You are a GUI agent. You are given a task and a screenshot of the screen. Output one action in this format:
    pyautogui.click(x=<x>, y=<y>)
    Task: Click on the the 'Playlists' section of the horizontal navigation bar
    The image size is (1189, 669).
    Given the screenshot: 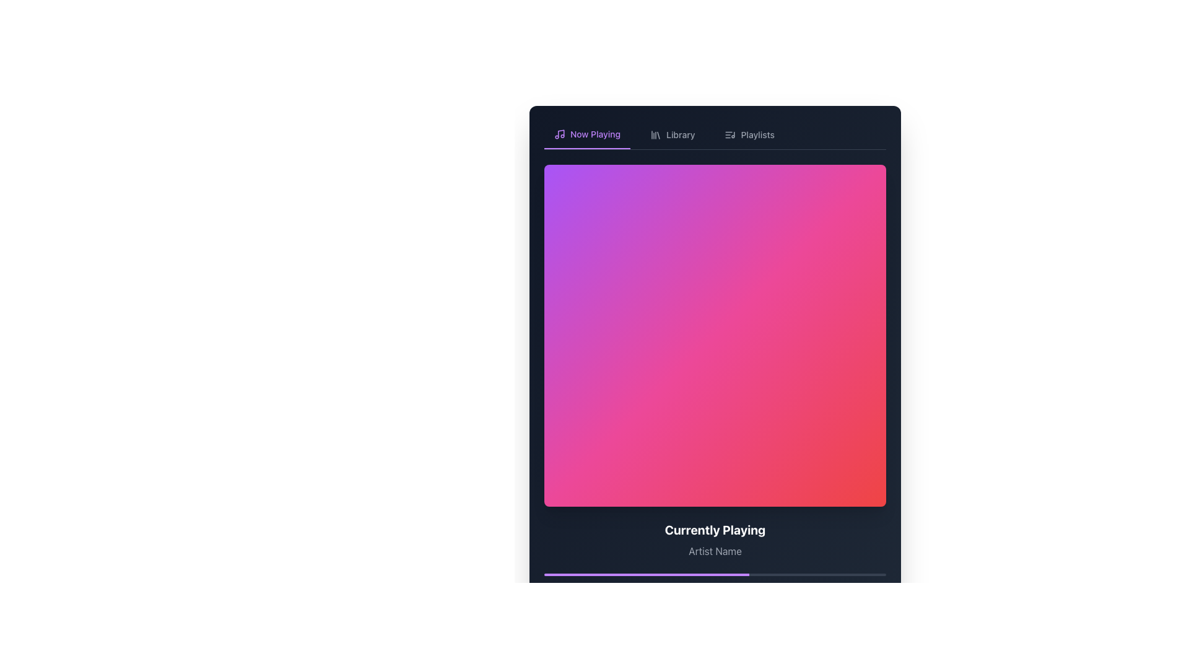 What is the action you would take?
    pyautogui.click(x=715, y=135)
    